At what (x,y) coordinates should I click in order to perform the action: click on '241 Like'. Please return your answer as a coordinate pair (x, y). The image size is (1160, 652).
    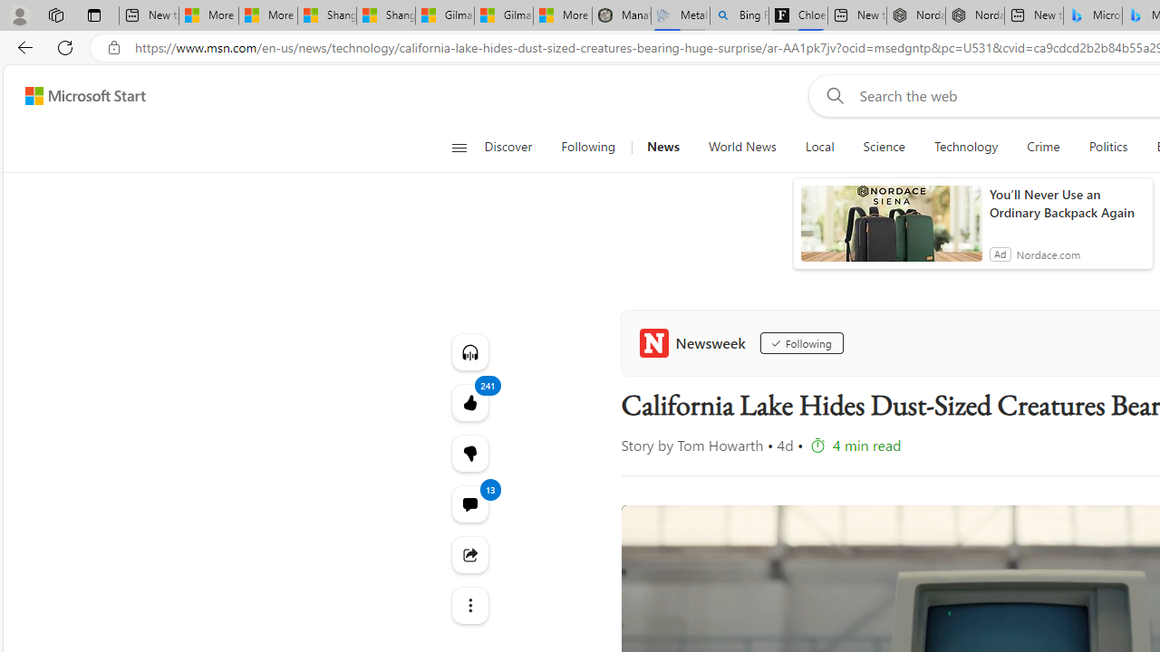
    Looking at the image, I should click on (469, 401).